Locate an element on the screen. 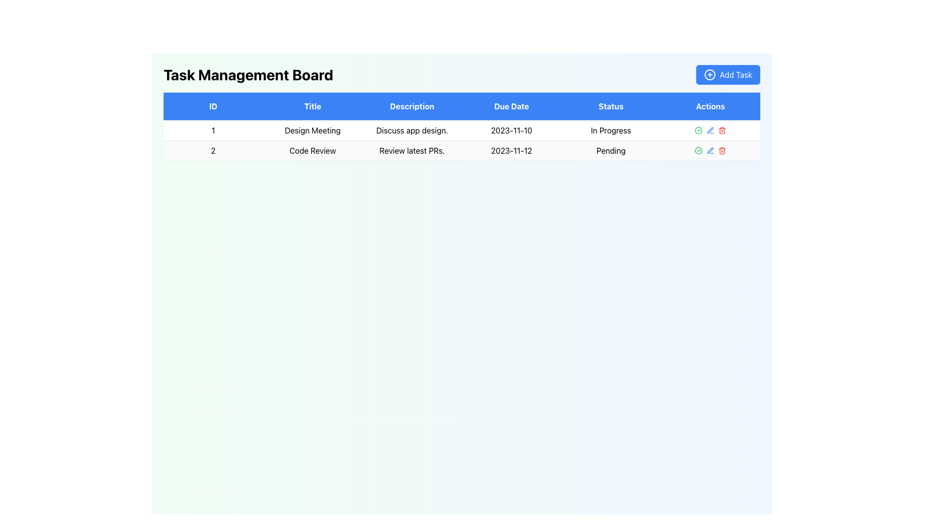  the 'Due Date' label, which is the fourth column header in the task management table, displaying the text in bold white font inside a blue rectangular area is located at coordinates (511, 106).